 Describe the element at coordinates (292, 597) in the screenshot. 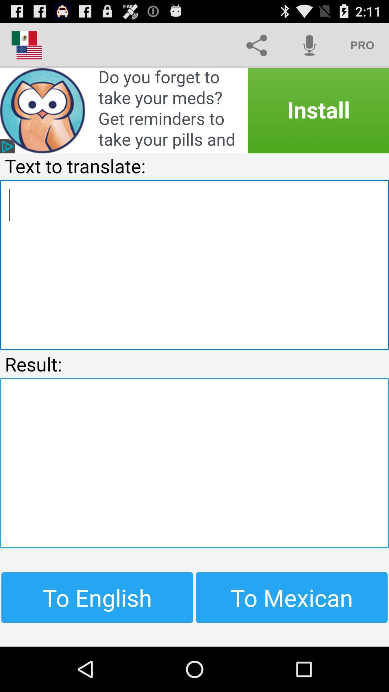

I see `the item next to to english` at that location.